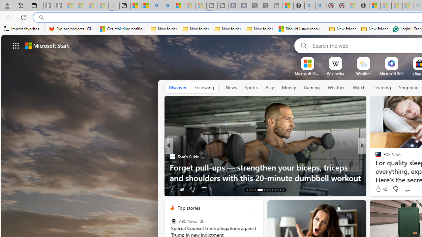 This screenshot has height=237, width=422. I want to click on 'Newsletter Sign Up - Sleeping', so click(60, 6).